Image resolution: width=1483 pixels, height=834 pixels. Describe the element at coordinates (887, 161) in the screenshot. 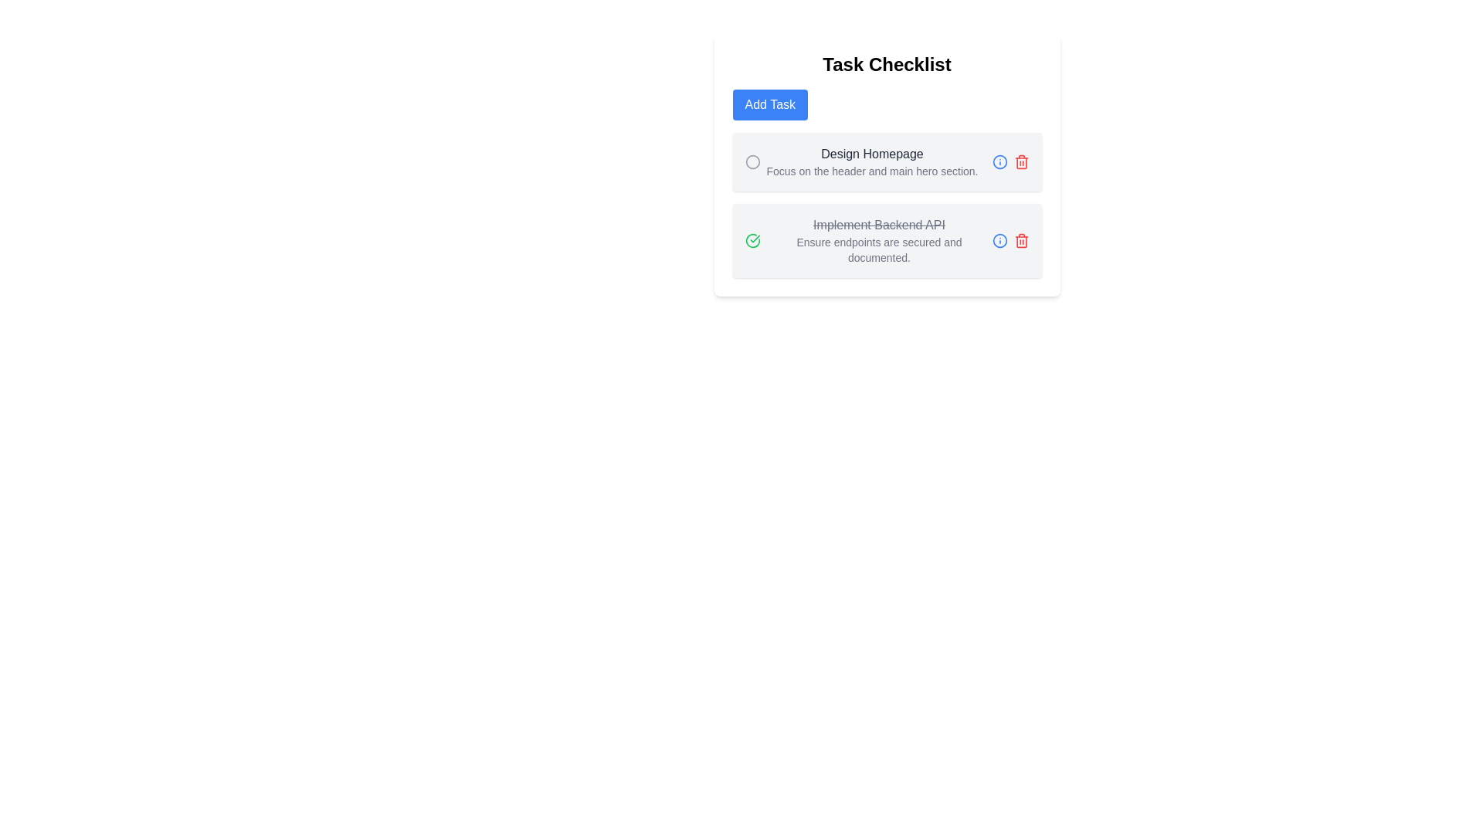

I see `the checklist item displayed in the 'Task Checklist' card` at that location.